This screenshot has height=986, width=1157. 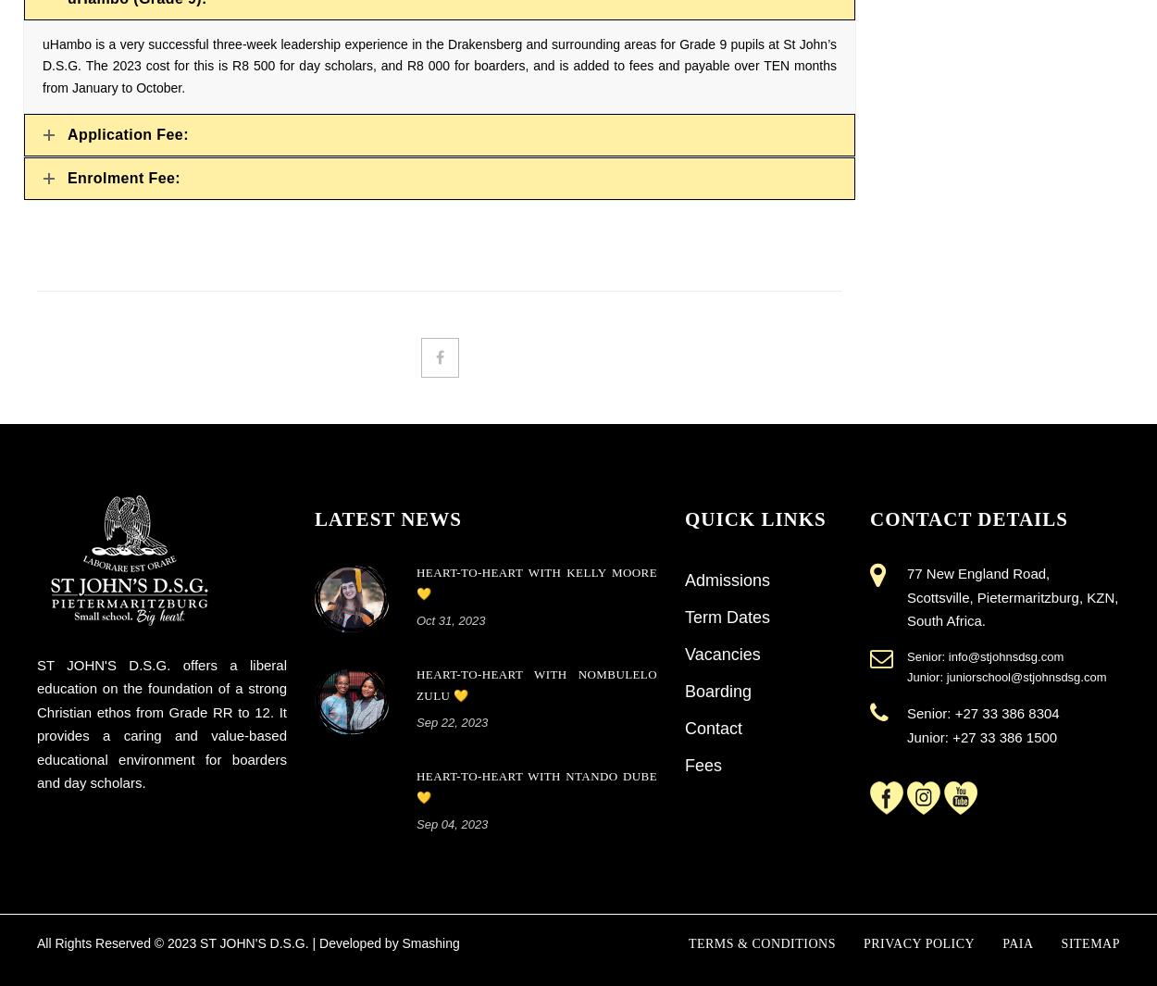 I want to click on 'Contact Details', so click(x=968, y=518).